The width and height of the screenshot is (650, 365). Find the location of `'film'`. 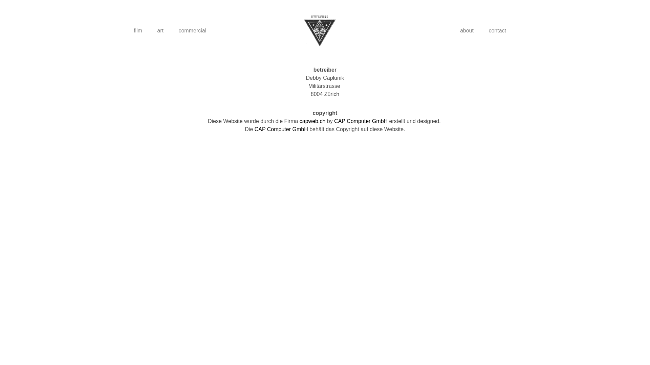

'film' is located at coordinates (127, 31).